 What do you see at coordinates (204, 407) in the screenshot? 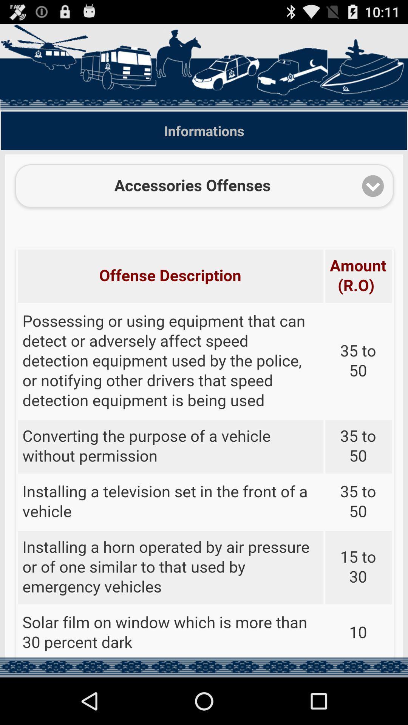
I see `display offense description` at bounding box center [204, 407].